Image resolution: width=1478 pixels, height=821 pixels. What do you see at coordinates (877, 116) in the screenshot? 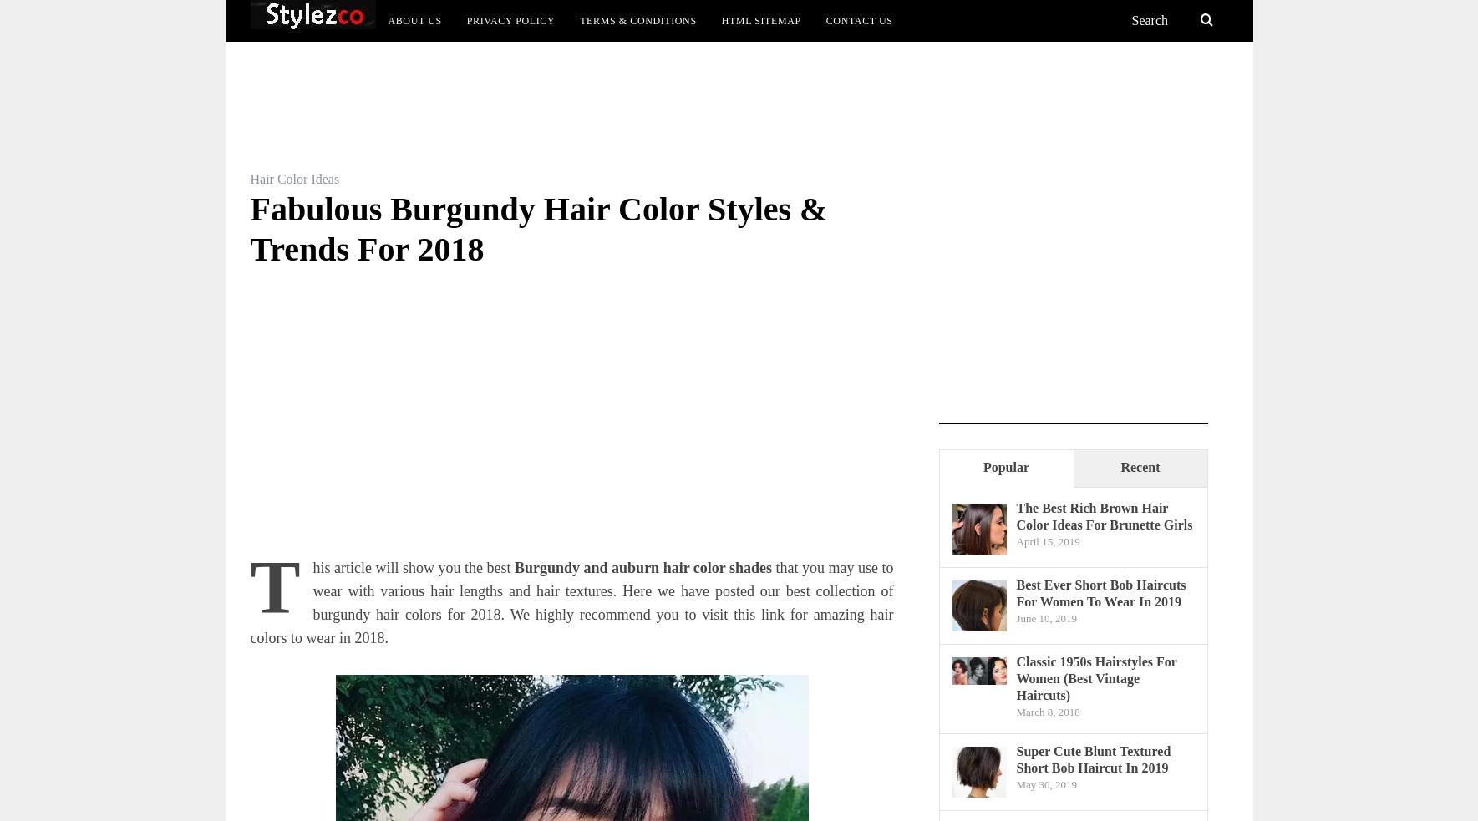
I see `'Celebrity Hairstyles'` at bounding box center [877, 116].